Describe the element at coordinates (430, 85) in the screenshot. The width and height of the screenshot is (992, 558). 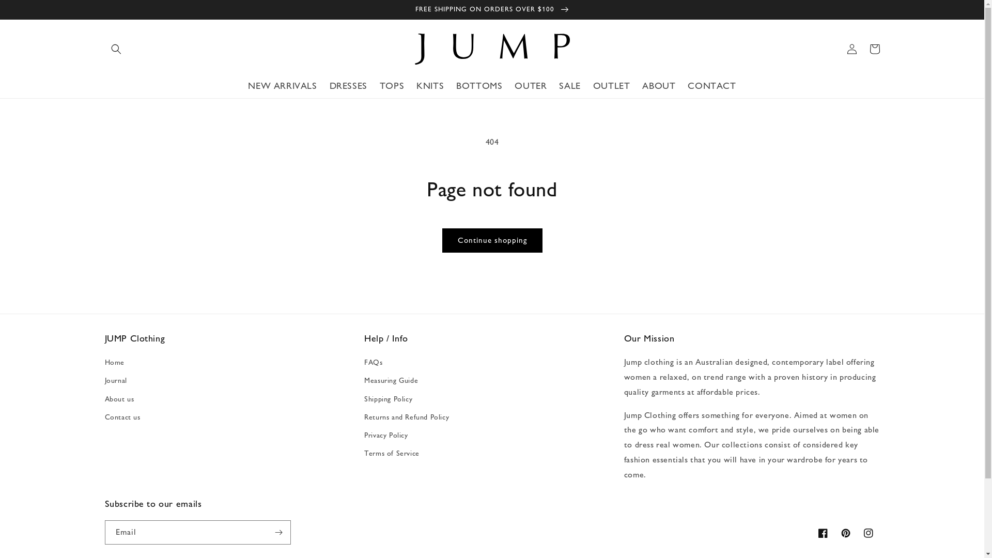
I see `'KNITS'` at that location.